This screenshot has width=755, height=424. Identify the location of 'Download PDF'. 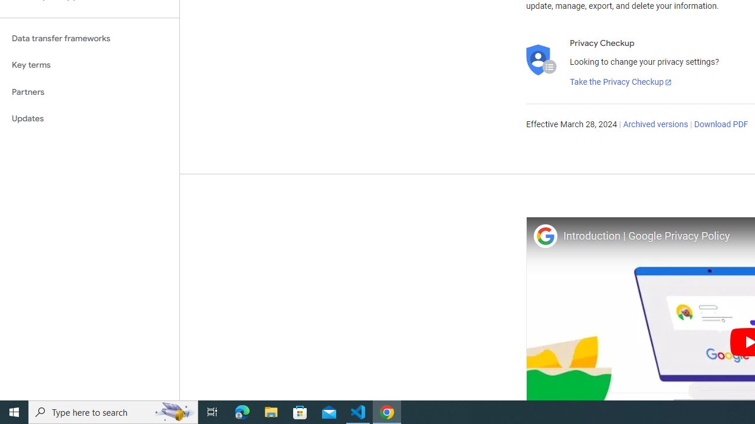
(720, 125).